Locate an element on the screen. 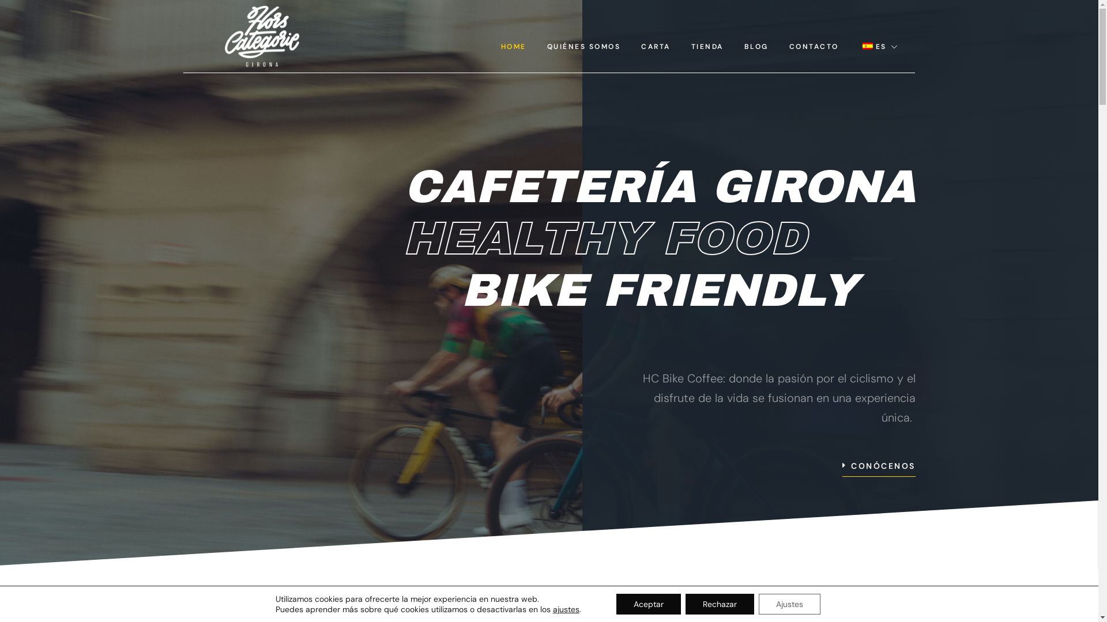 The width and height of the screenshot is (1107, 622). 'HOME' is located at coordinates (513, 46).